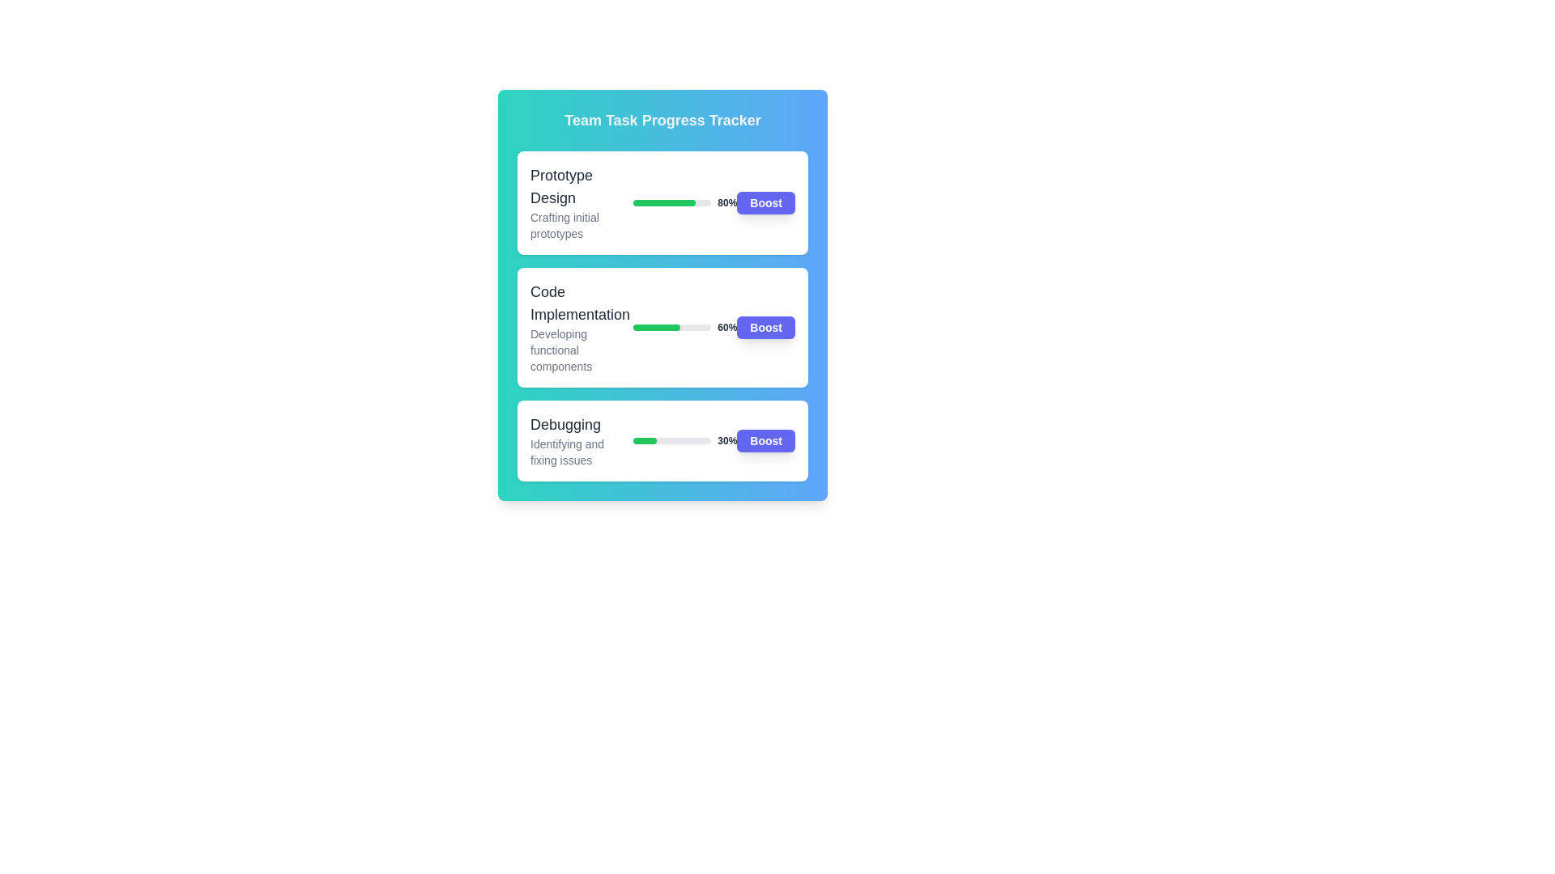 This screenshot has width=1555, height=874. Describe the element at coordinates (662, 120) in the screenshot. I see `the title Text Label of the tracker interface, which is positioned at the top of a centered card with a gradient background` at that location.